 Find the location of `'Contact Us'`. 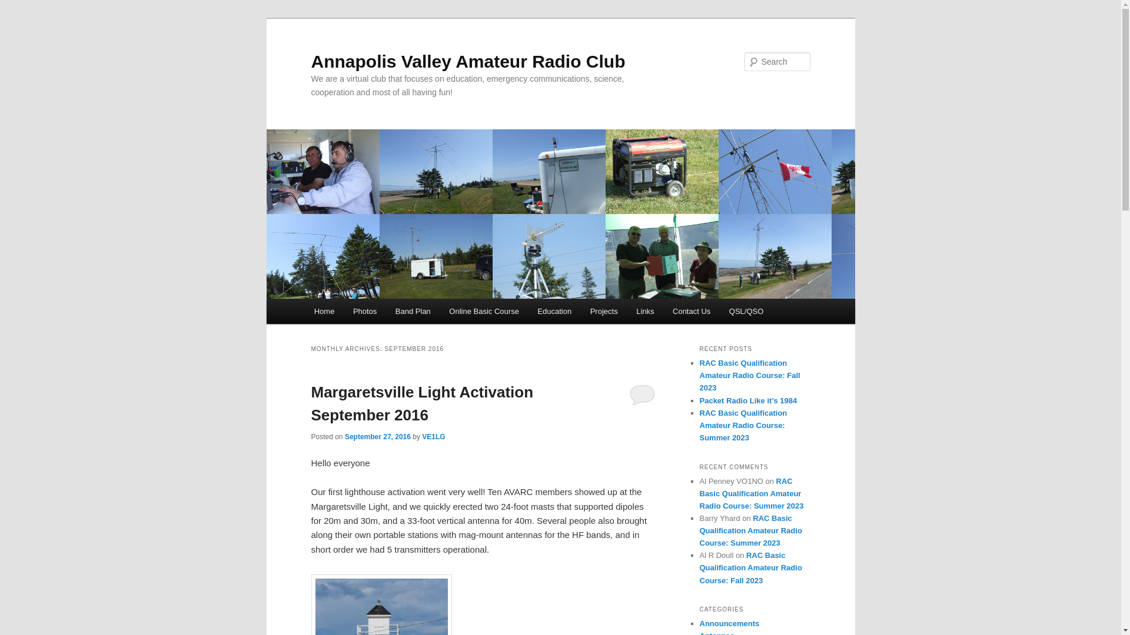

'Contact Us' is located at coordinates (692, 310).